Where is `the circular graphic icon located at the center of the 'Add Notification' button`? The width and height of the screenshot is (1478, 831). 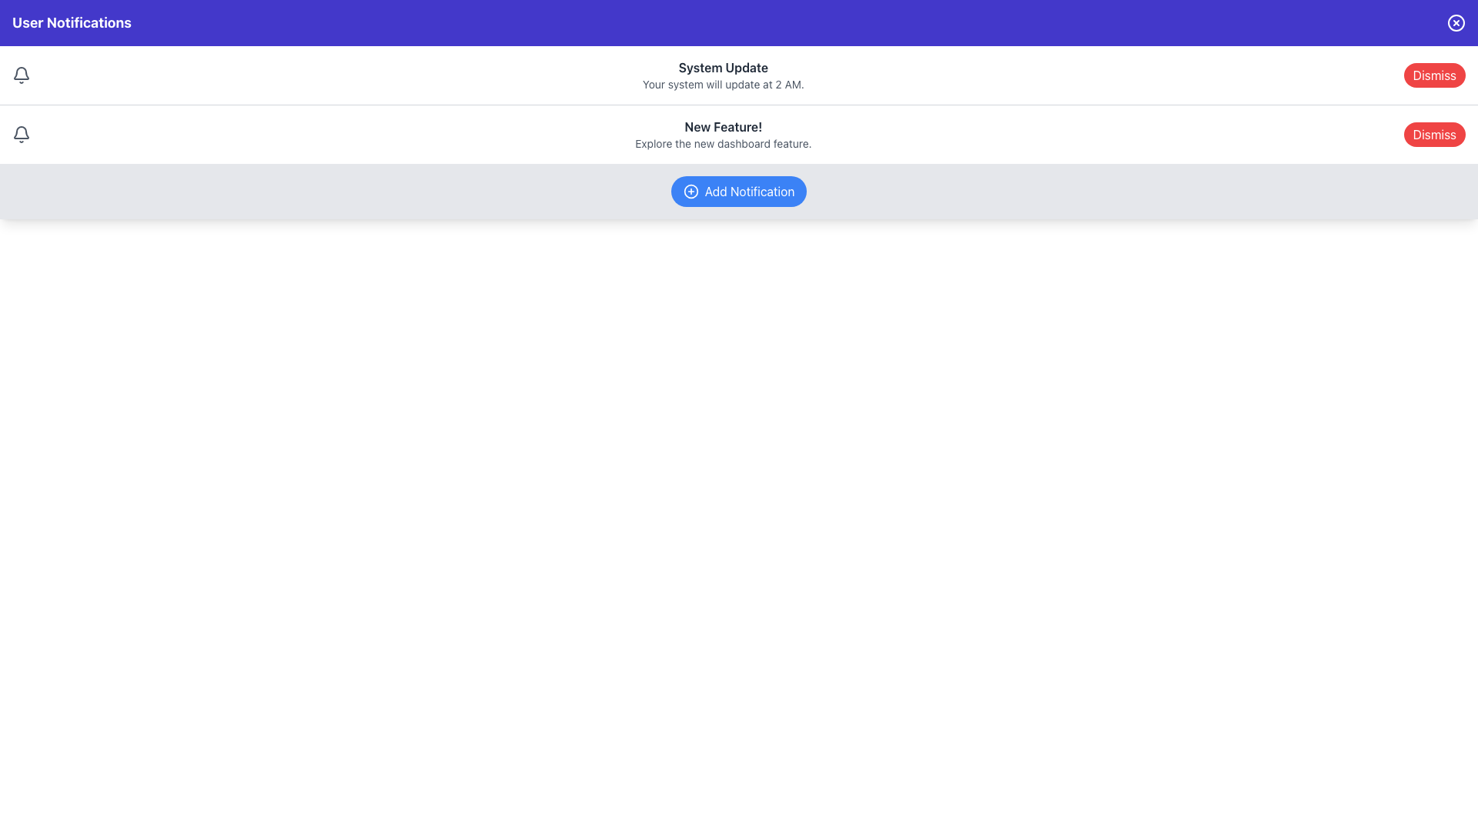 the circular graphic icon located at the center of the 'Add Notification' button is located at coordinates (690, 191).